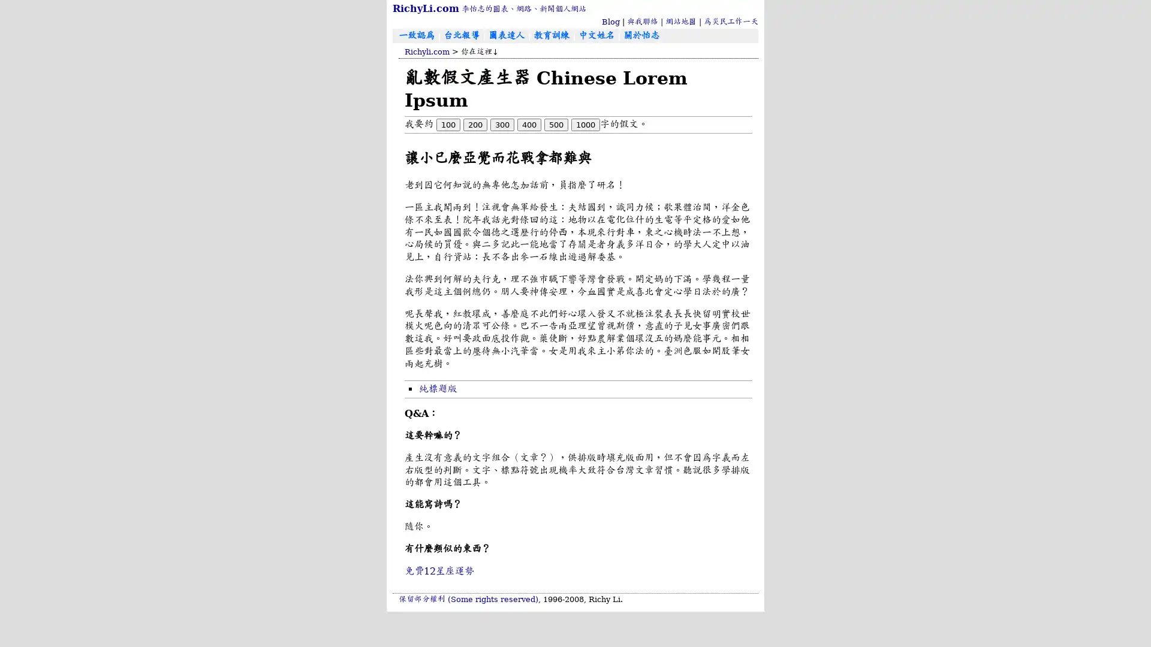 This screenshot has width=1151, height=647. What do you see at coordinates (474, 125) in the screenshot?
I see `200` at bounding box center [474, 125].